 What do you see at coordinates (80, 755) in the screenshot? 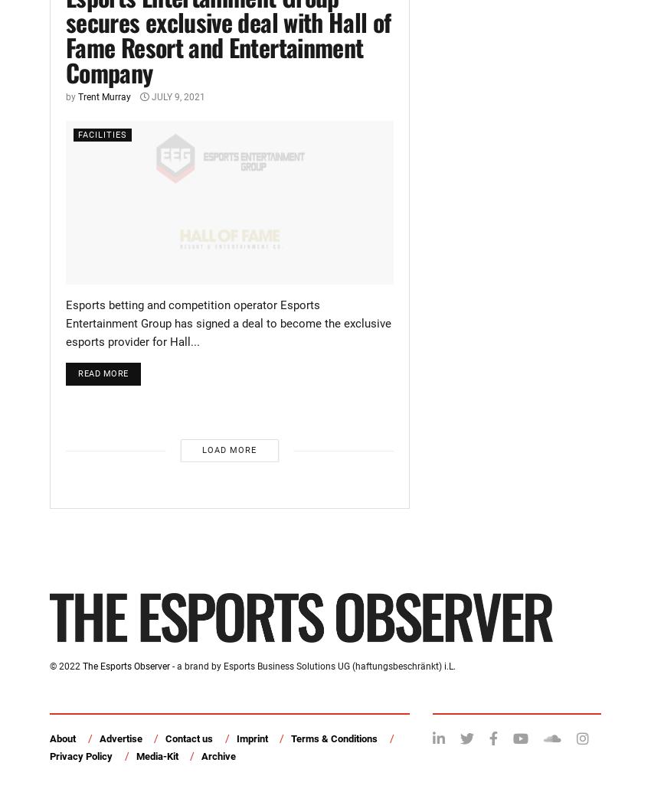
I see `'Privacy Policy'` at bounding box center [80, 755].